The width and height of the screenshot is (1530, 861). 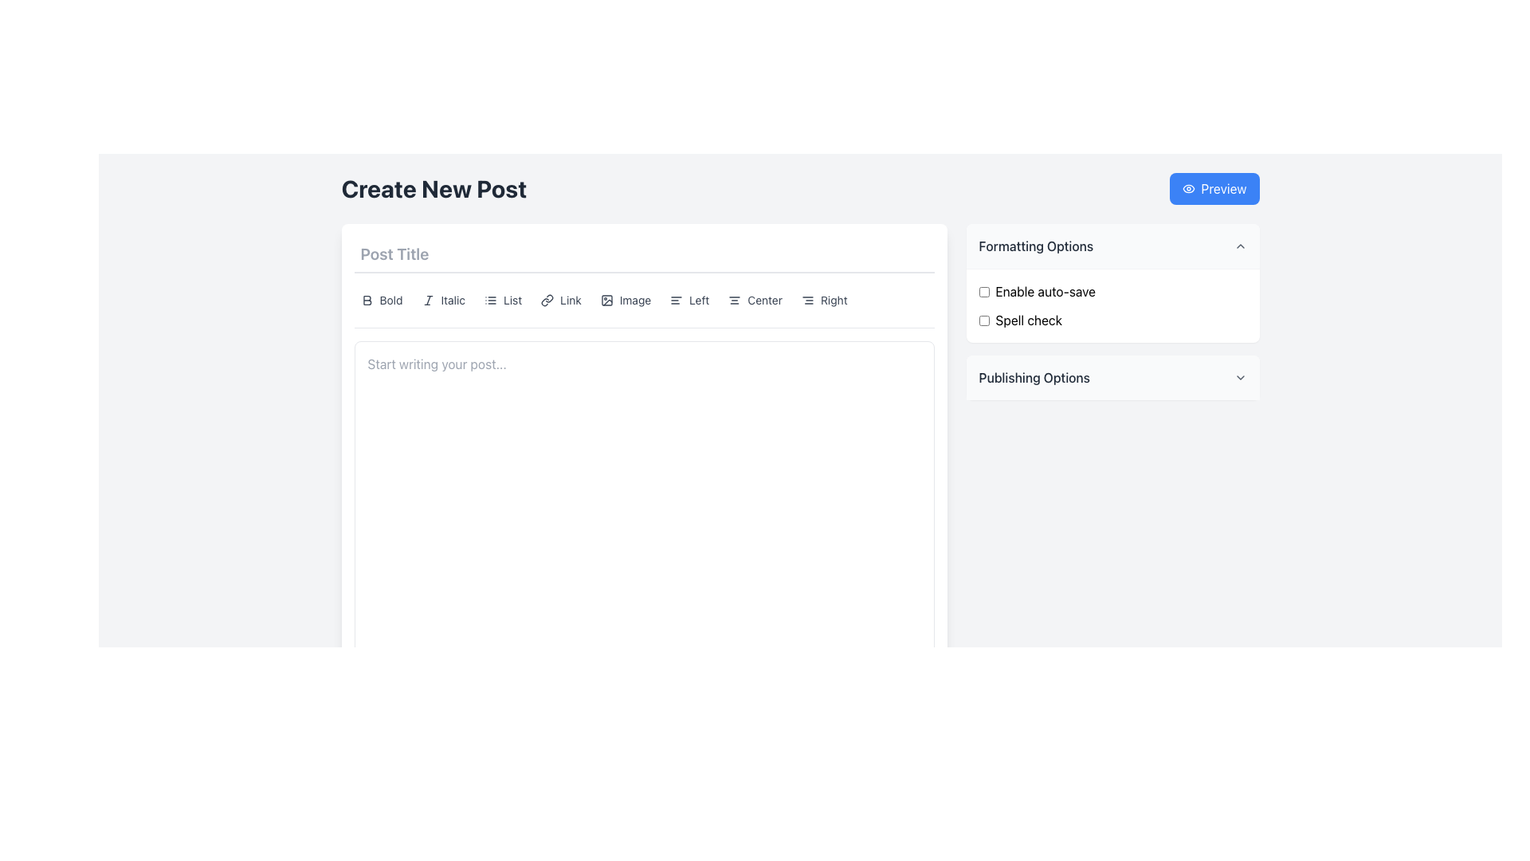 What do you see at coordinates (571, 301) in the screenshot?
I see `the label indicating the purpose of the 'Link' button situated in the toolbar at the top of the text editor within the 'Create New Post' section` at bounding box center [571, 301].